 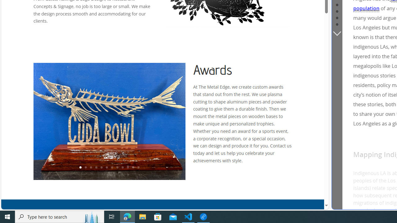 I want to click on '9', so click(x=122, y=168).